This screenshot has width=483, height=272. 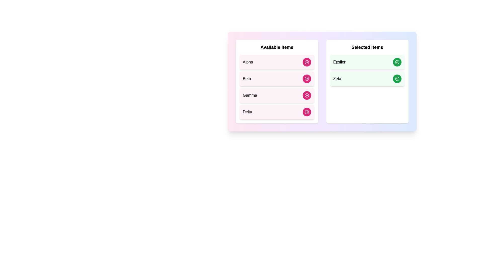 I want to click on transfer button for the item Gamma in the 'Available Items' list, so click(x=306, y=95).